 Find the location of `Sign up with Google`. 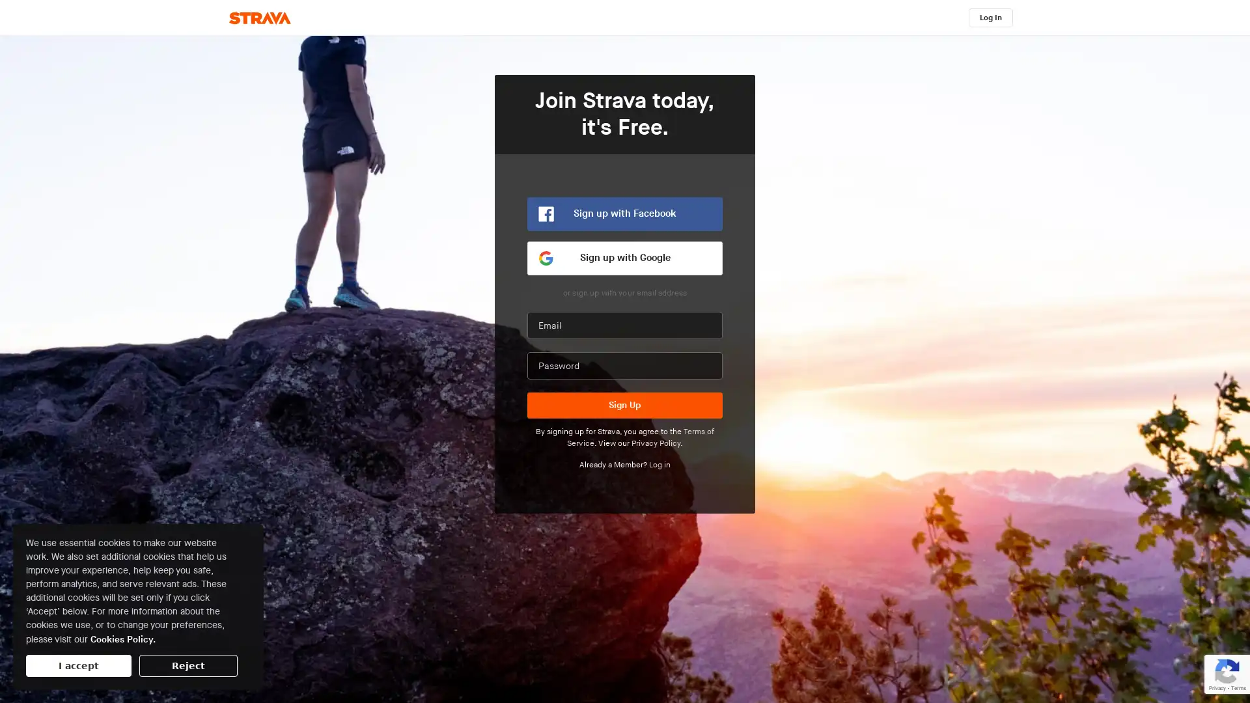

Sign up with Google is located at coordinates (625, 258).